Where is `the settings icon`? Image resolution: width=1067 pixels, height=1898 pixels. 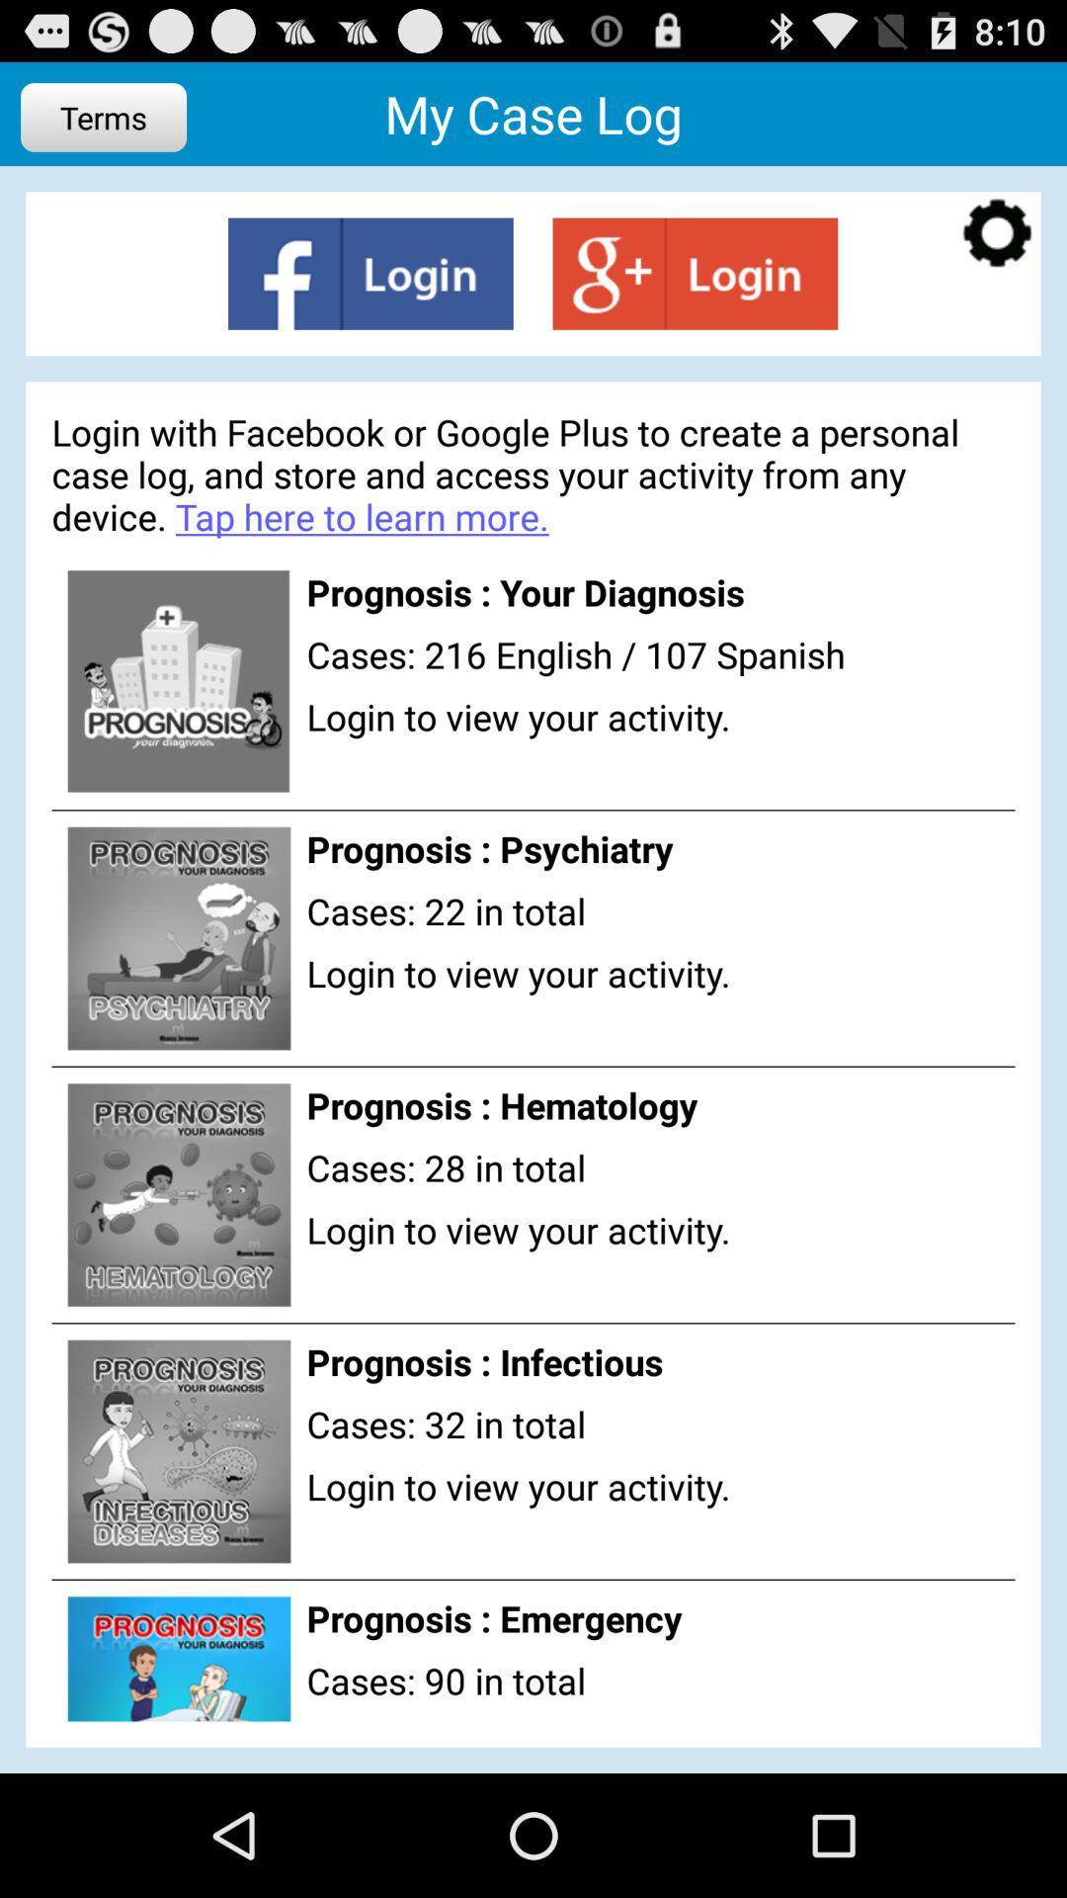 the settings icon is located at coordinates (997, 250).